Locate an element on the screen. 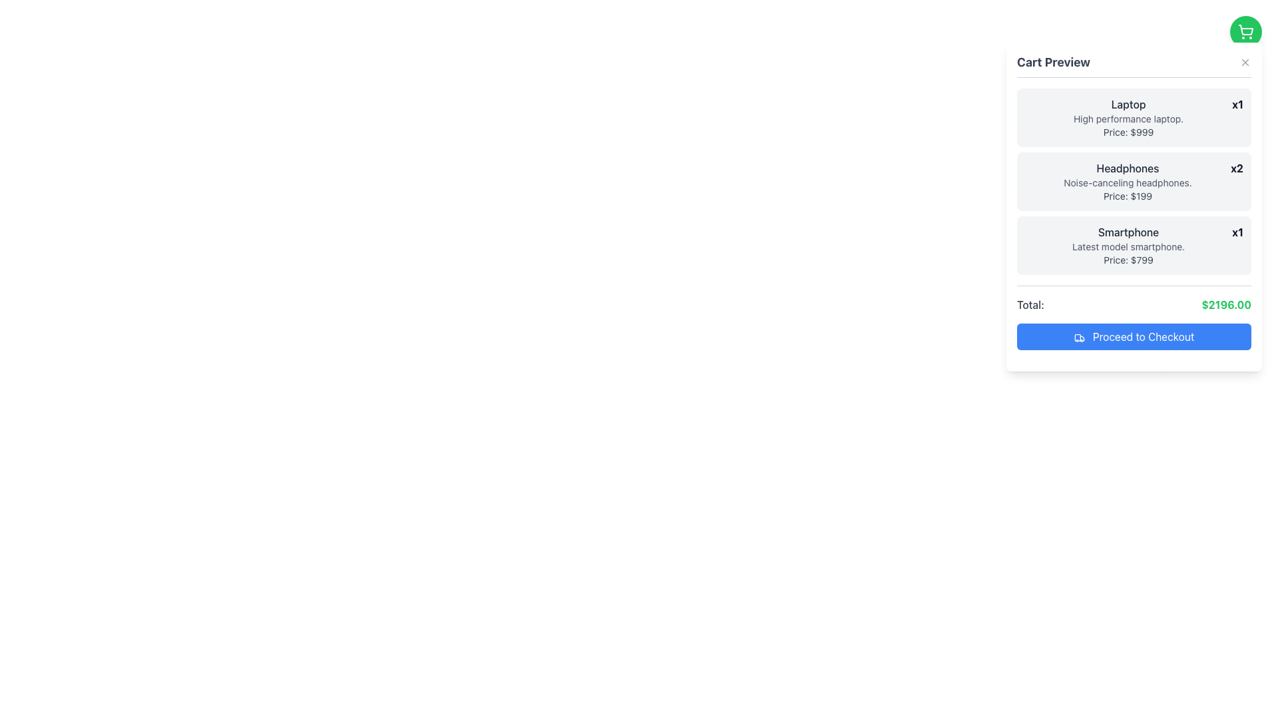 The width and height of the screenshot is (1278, 719). the informational card displaying product details in the shopping cart interface, which is the third card in the list within the 'Cart Preview' panel is located at coordinates (1134, 246).